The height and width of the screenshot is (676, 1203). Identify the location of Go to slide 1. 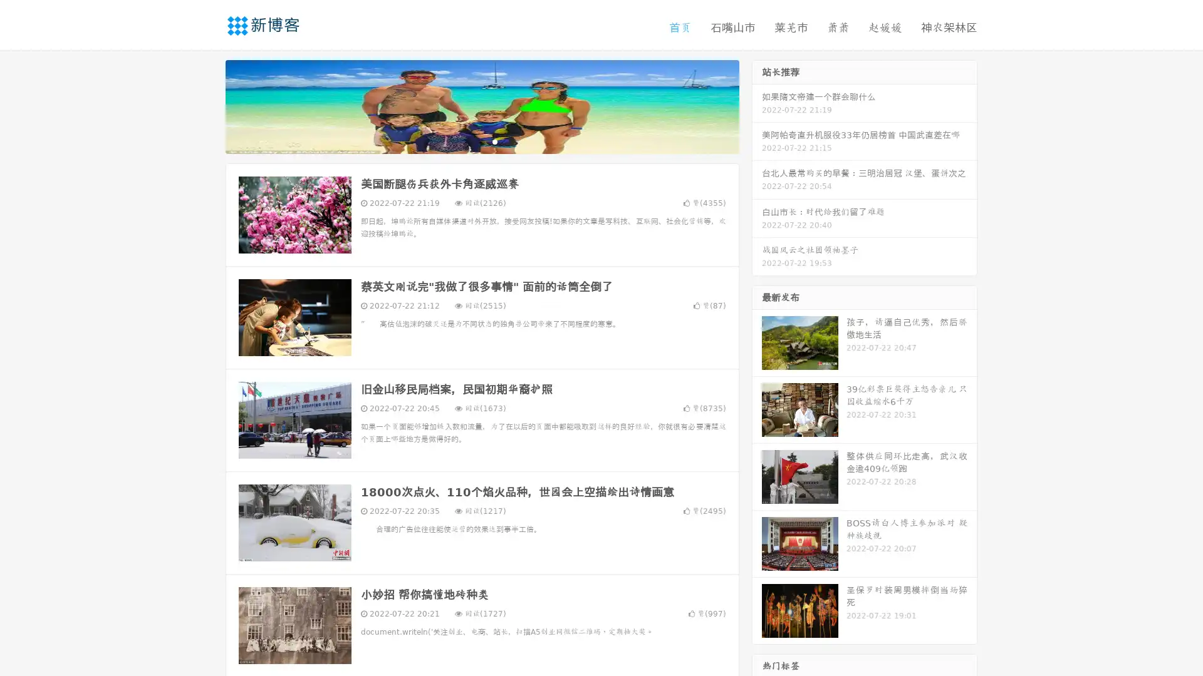
(469, 141).